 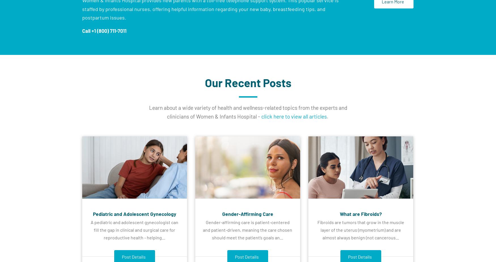 What do you see at coordinates (224, 107) in the screenshot?
I see `'health'` at bounding box center [224, 107].